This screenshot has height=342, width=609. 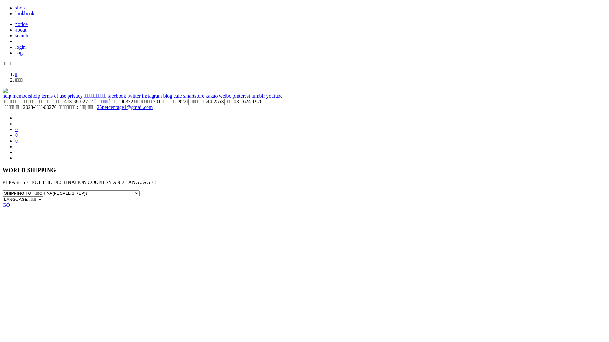 What do you see at coordinates (127, 96) in the screenshot?
I see `'twitter'` at bounding box center [127, 96].